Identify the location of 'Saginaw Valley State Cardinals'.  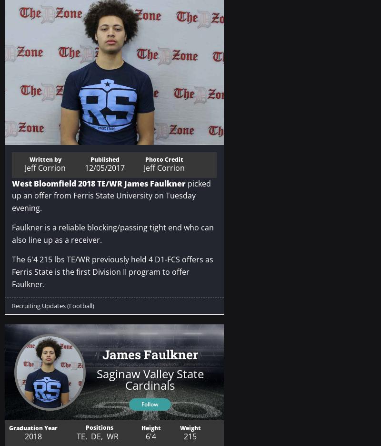
(149, 378).